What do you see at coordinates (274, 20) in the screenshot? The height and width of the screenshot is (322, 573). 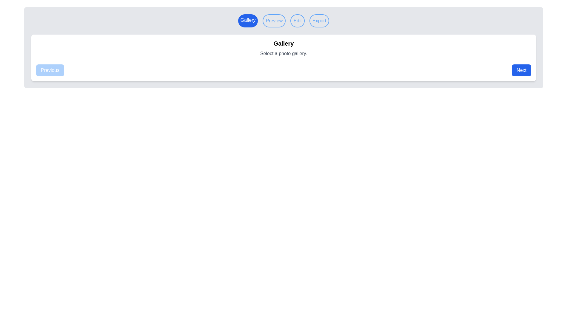 I see `the step label Preview to navigate to the corresponding step` at bounding box center [274, 20].